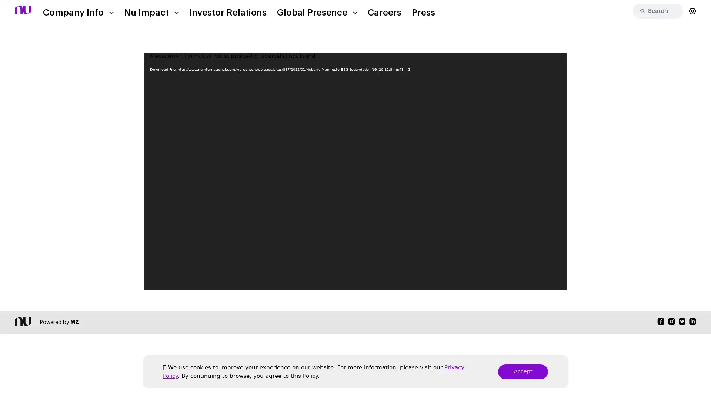 This screenshot has height=400, width=711. I want to click on Fullscreen, so click(557, 283).